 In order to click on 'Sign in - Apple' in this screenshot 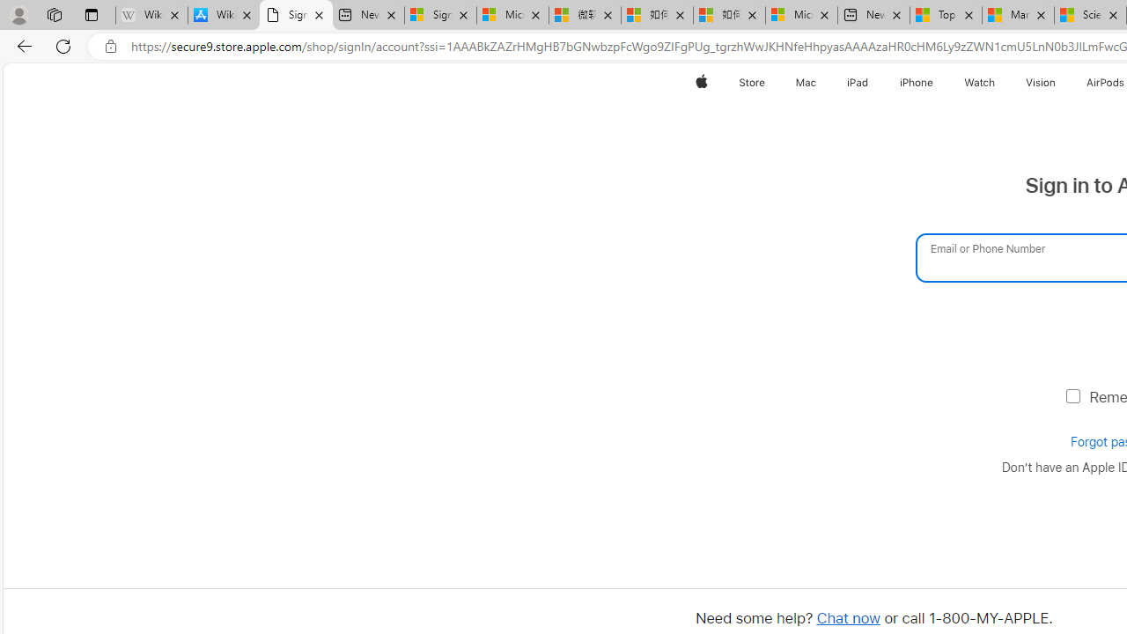, I will do `click(296, 15)`.